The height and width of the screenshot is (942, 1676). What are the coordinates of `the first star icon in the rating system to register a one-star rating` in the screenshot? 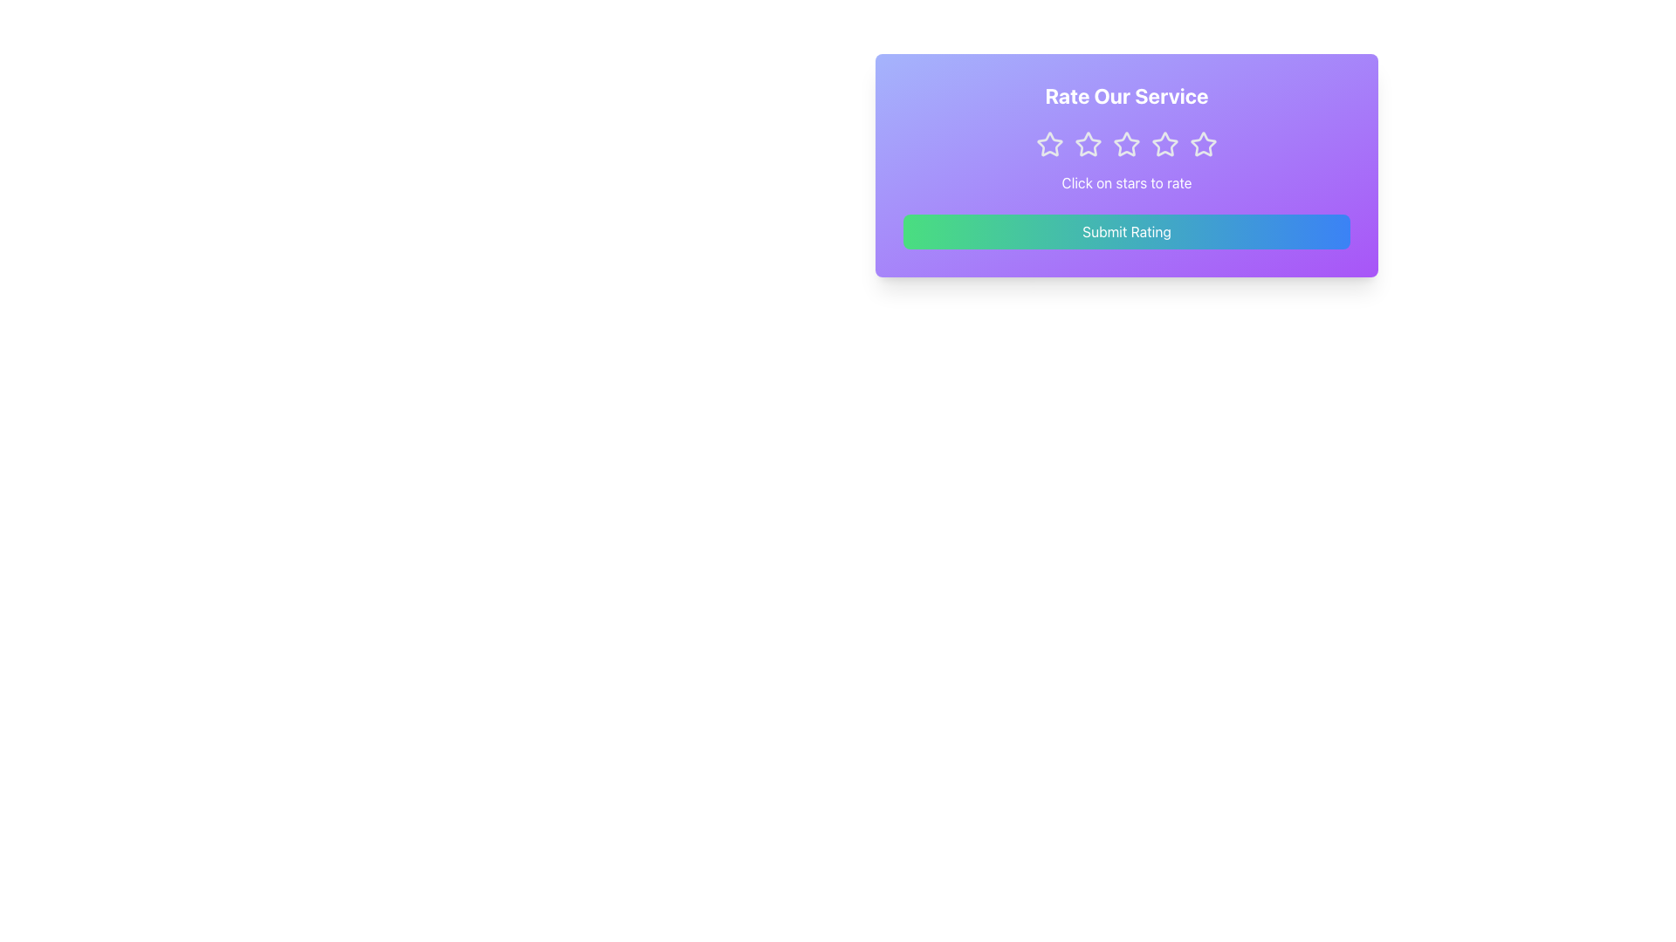 It's located at (1049, 143).